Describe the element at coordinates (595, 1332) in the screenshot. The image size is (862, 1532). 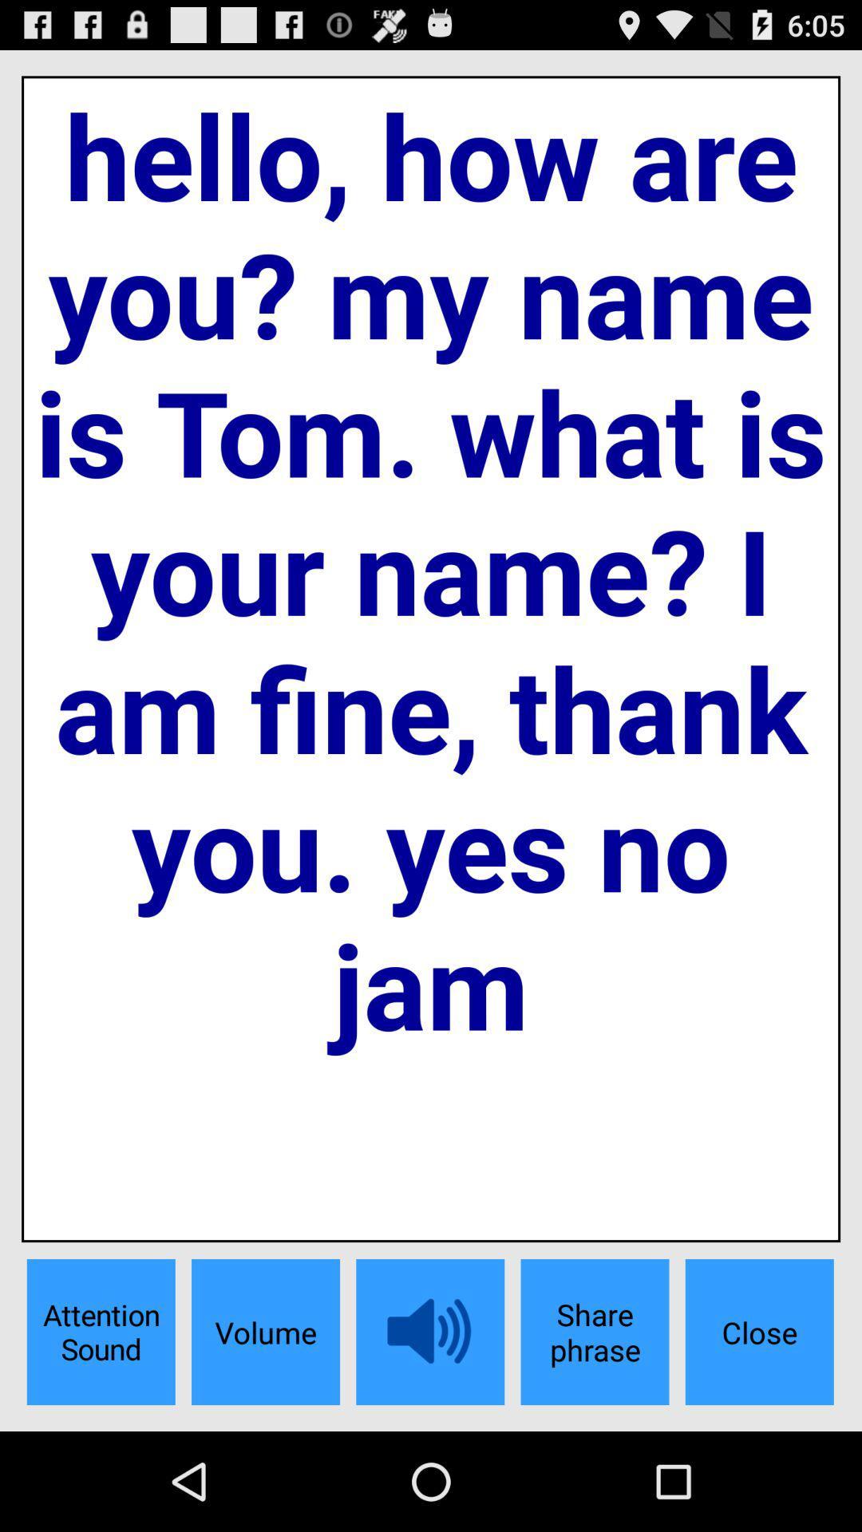
I see `the share` at that location.